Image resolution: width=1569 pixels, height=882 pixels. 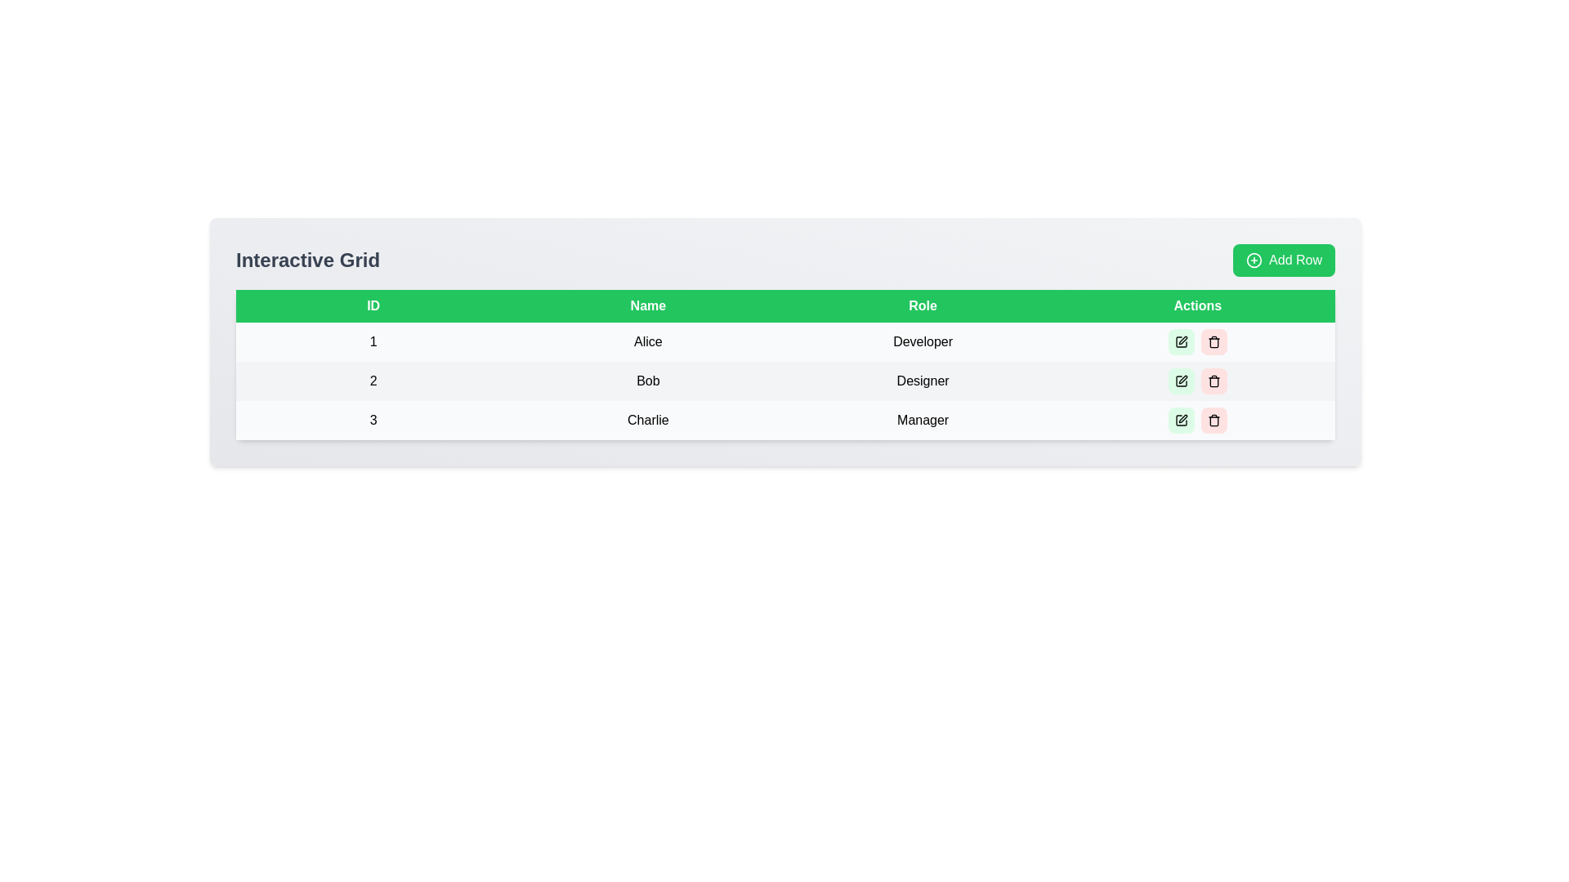 I want to click on the 'Add Row' button with a green background and white text, located at the top-right corner of the 'Interactive Grid' section header, so click(x=1283, y=260).